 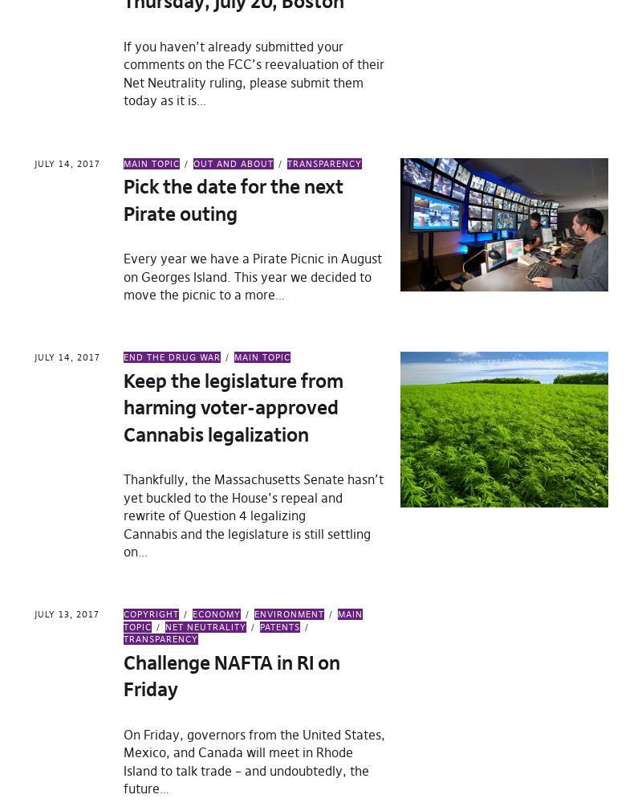 I want to click on 'Environment', so click(x=289, y=613).